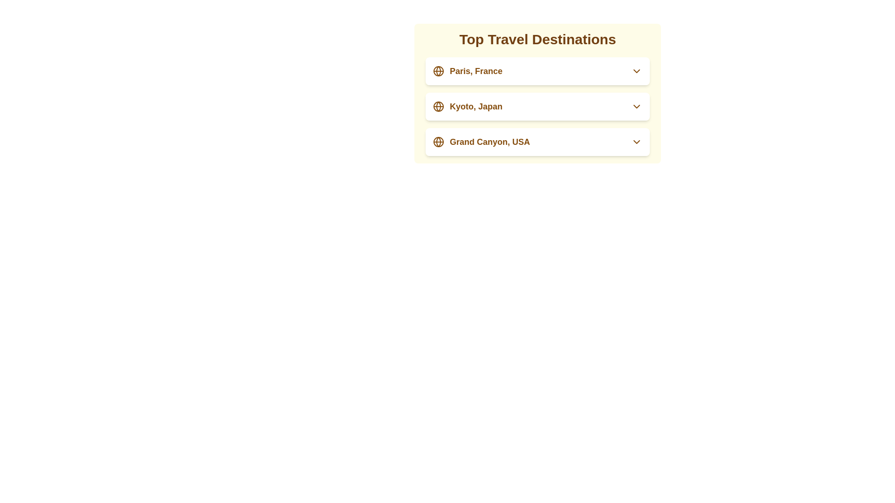  Describe the element at coordinates (468, 106) in the screenshot. I see `the button-like list item displaying 'Kyoto, Japan'` at that location.